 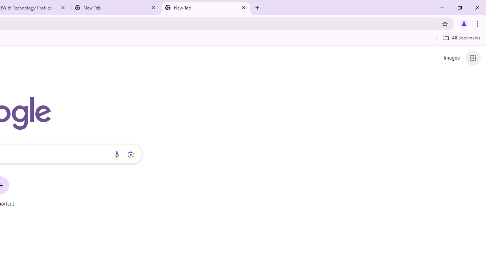 What do you see at coordinates (131, 154) in the screenshot?
I see `'Search by image'` at bounding box center [131, 154].